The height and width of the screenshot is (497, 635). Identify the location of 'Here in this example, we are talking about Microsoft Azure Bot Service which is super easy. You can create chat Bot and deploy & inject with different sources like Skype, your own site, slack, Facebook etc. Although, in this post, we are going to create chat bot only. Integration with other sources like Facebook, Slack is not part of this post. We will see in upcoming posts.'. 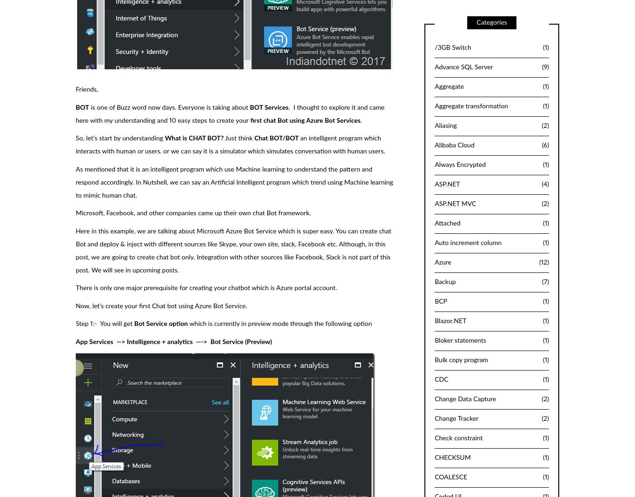
(75, 250).